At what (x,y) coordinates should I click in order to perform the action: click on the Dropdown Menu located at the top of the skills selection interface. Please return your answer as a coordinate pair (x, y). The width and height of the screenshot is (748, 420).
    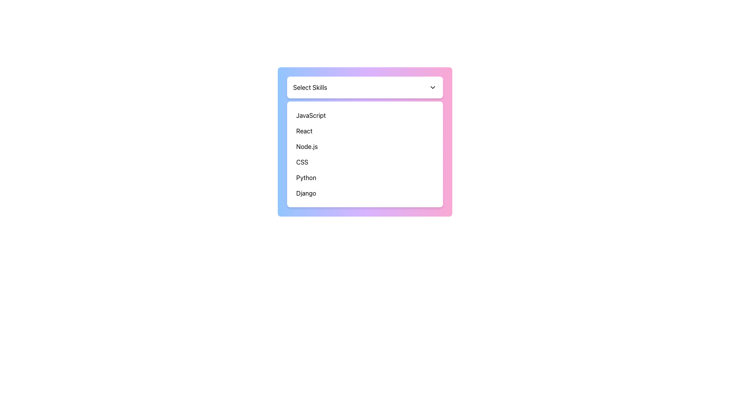
    Looking at the image, I should click on (364, 87).